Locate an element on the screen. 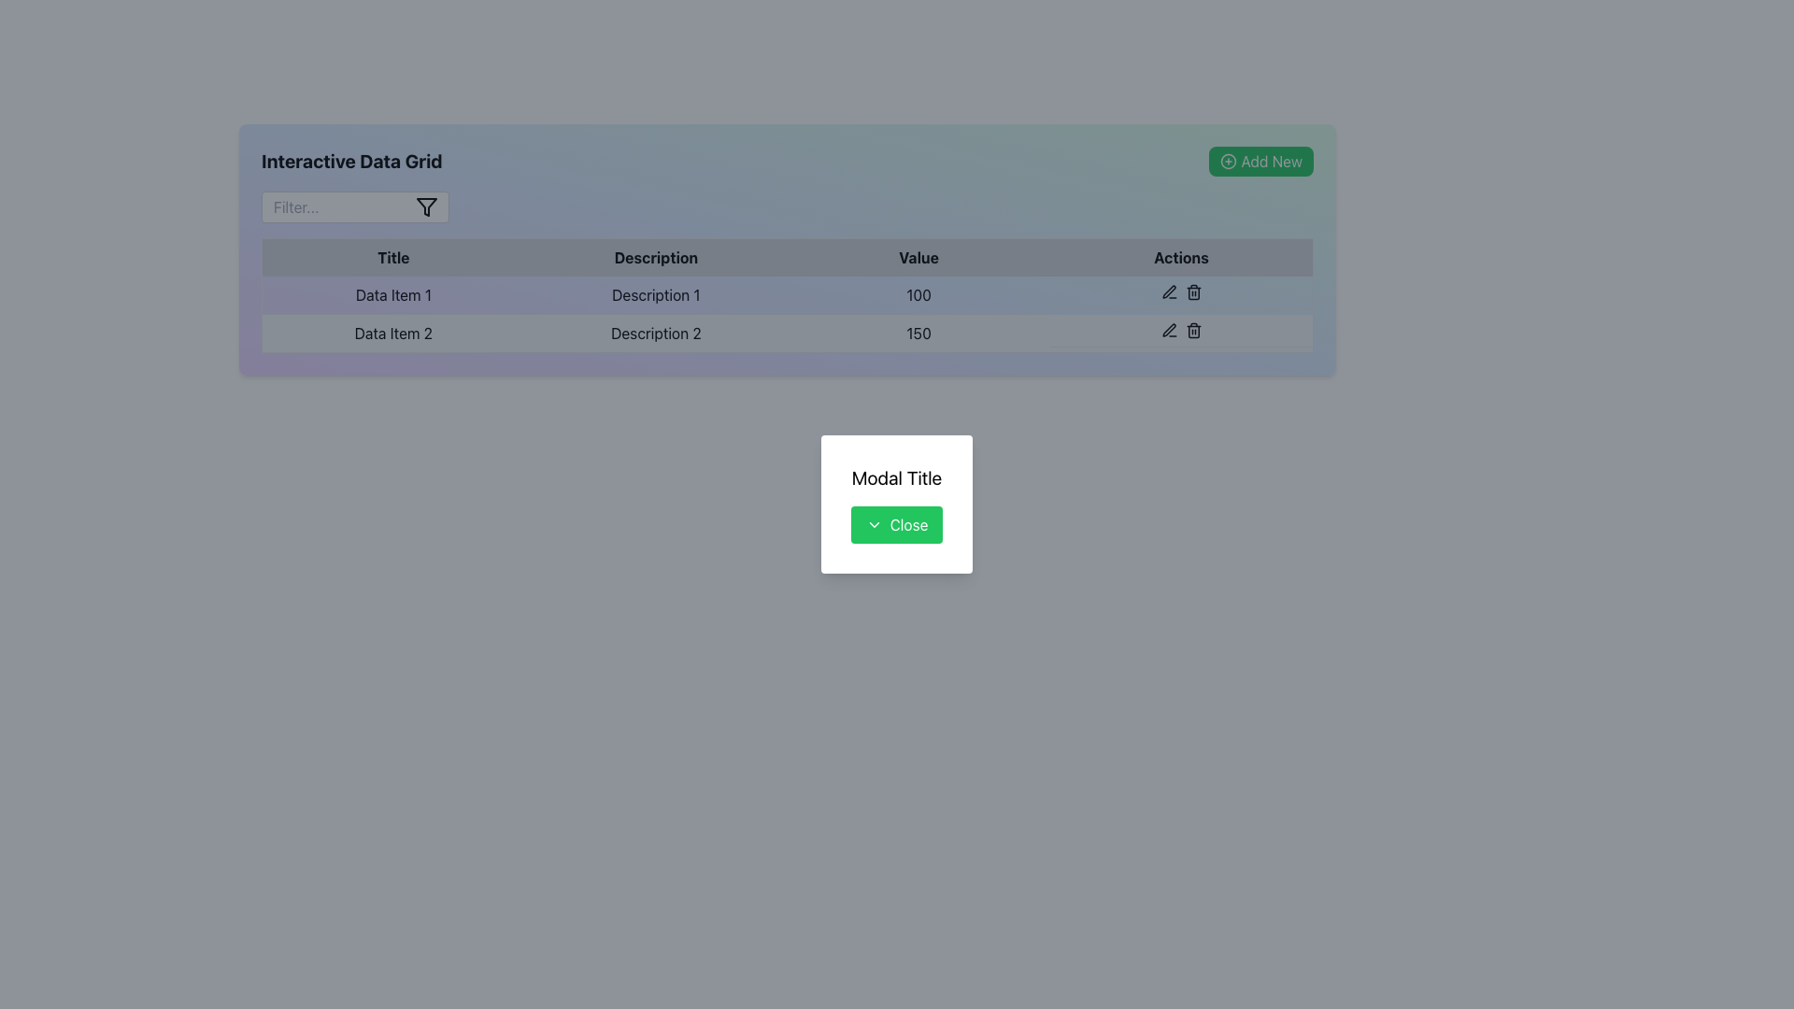  the text cell in the table that corresponds is located at coordinates (656, 294).